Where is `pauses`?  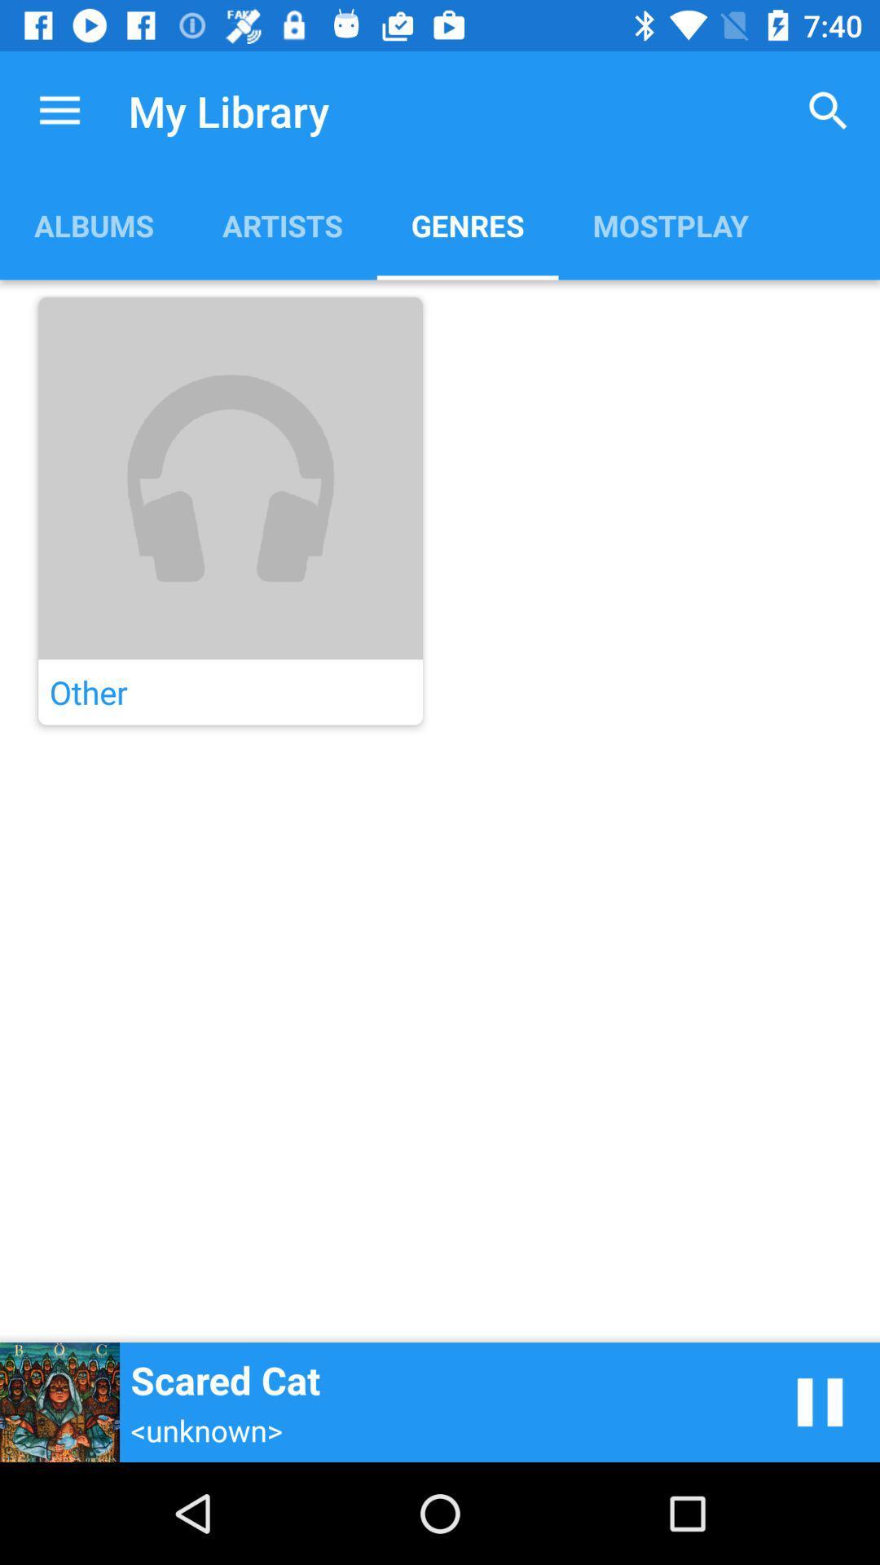 pauses is located at coordinates (820, 1401).